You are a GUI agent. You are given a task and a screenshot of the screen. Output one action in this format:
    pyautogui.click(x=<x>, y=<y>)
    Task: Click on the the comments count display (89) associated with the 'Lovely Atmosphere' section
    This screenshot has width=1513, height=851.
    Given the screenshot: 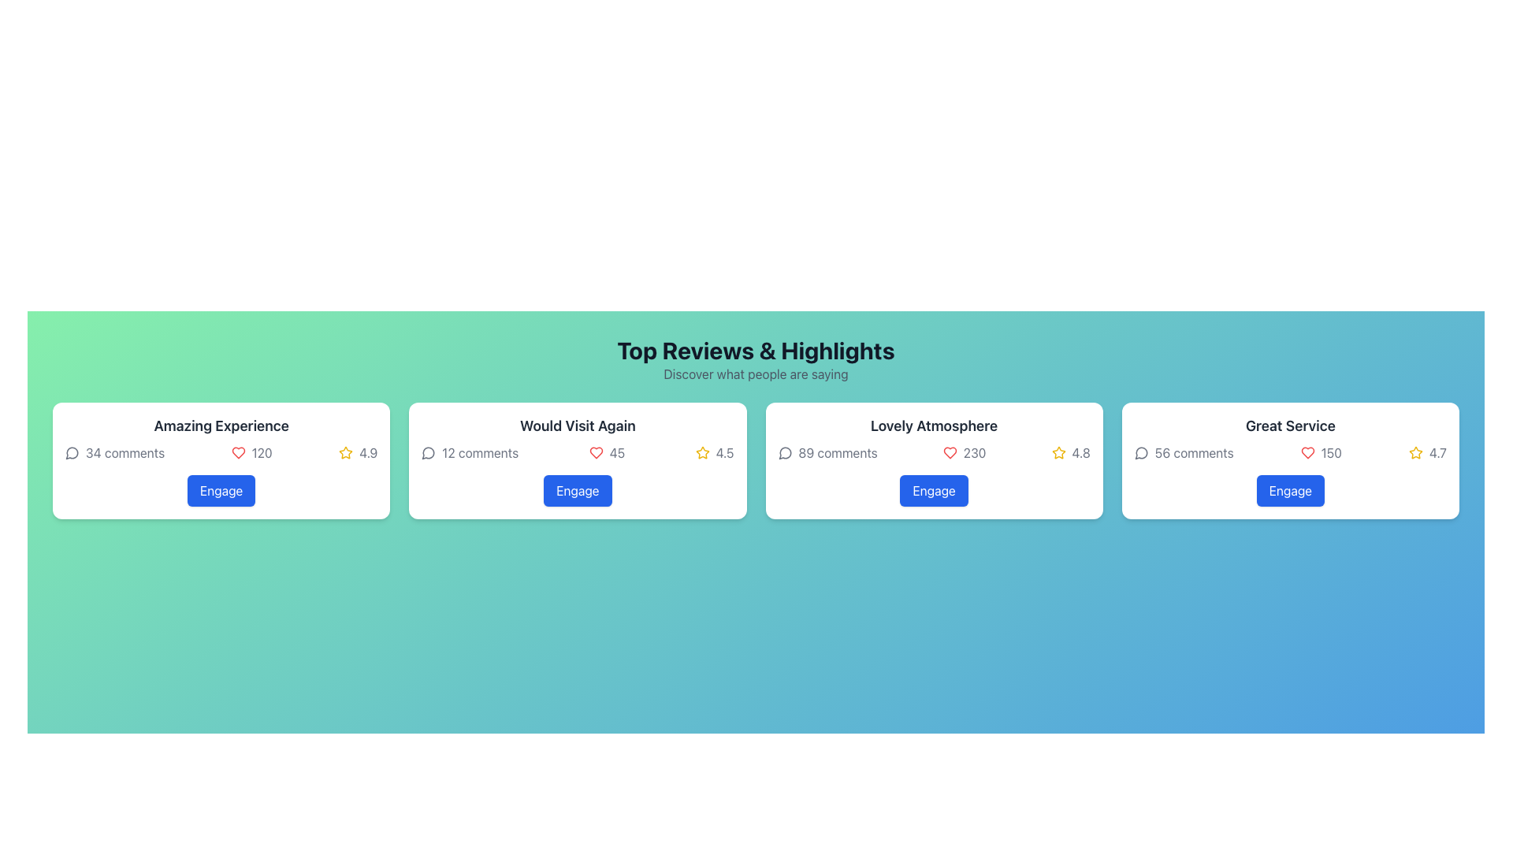 What is the action you would take?
    pyautogui.click(x=827, y=452)
    